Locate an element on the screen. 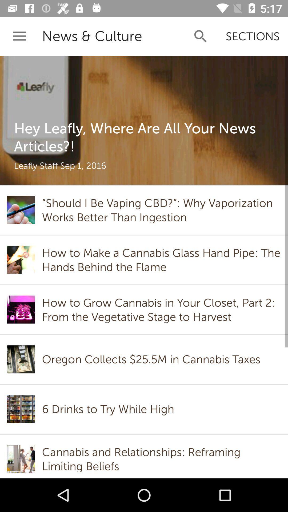 The width and height of the screenshot is (288, 512). the oregon collects 25 icon is located at coordinates (153, 359).